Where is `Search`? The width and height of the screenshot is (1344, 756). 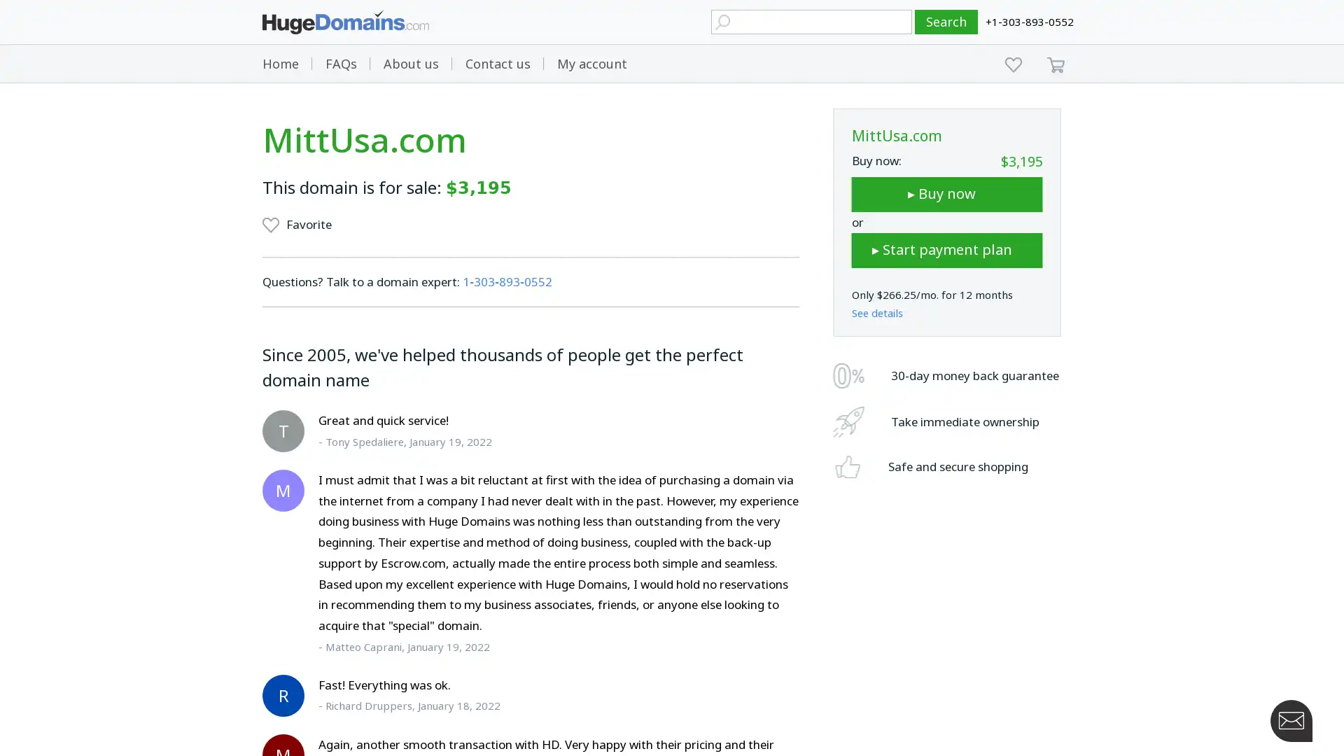
Search is located at coordinates (946, 22).